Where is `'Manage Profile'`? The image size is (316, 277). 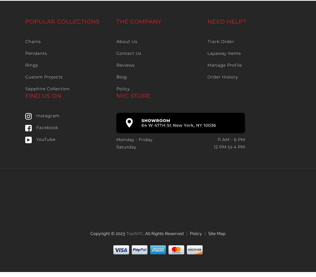 'Manage Profile' is located at coordinates (225, 65).